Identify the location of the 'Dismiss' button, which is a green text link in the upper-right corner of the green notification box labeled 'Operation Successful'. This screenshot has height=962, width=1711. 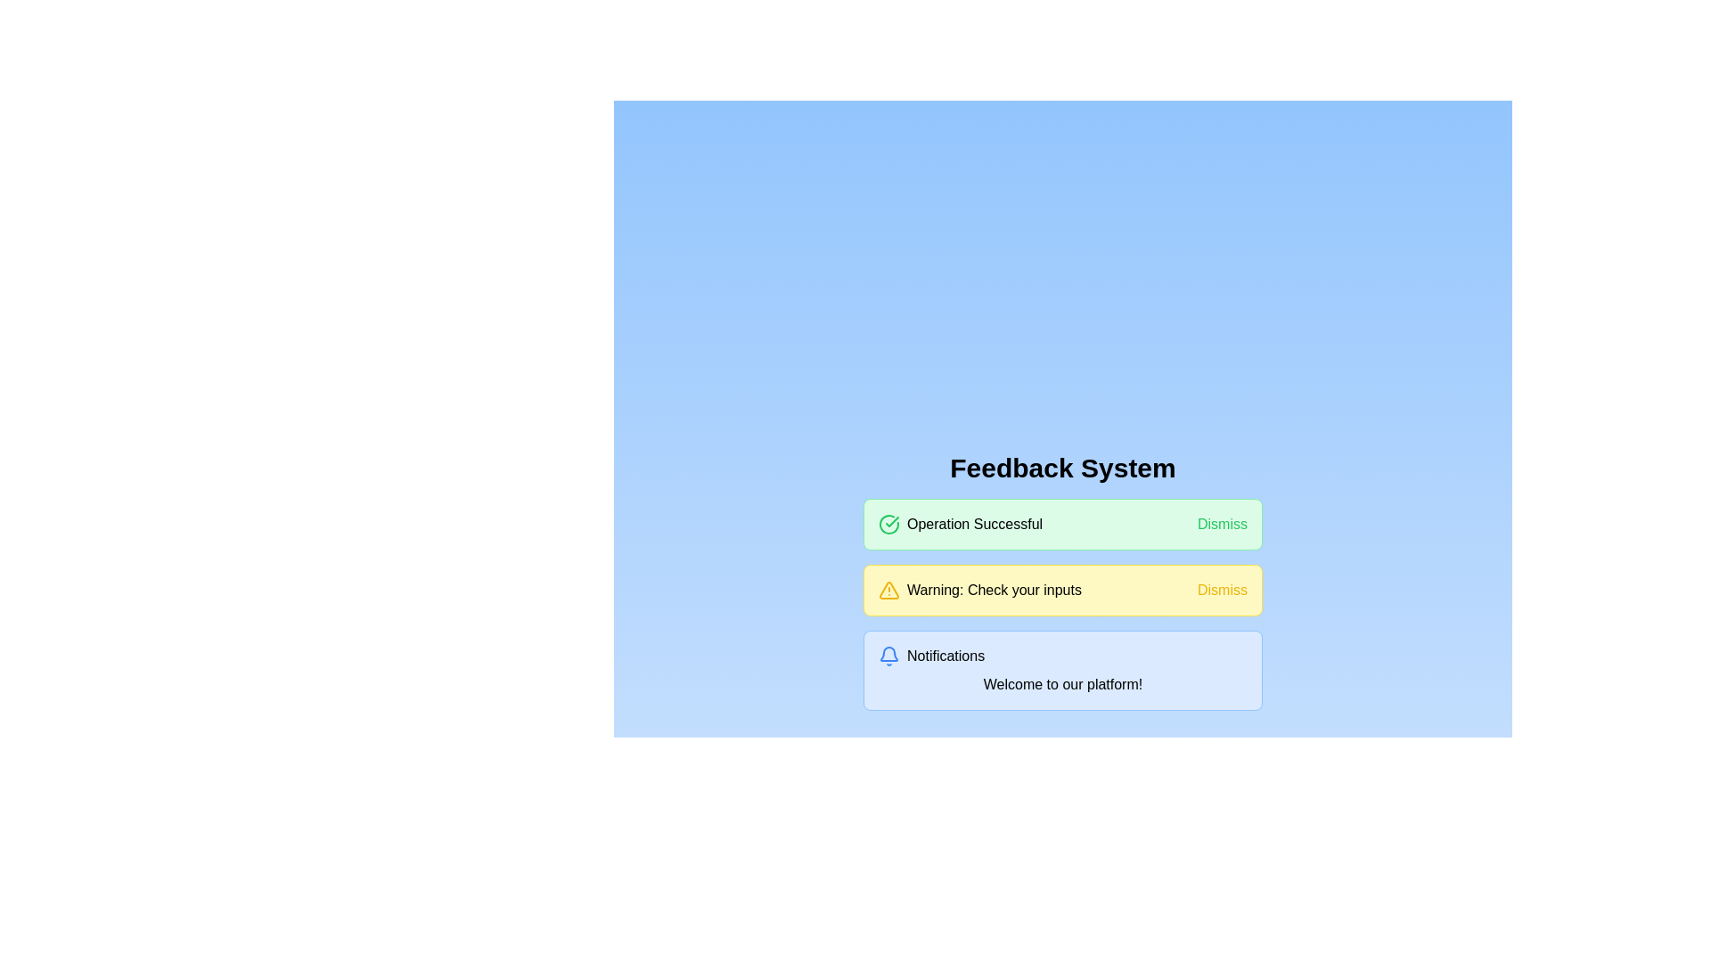
(1222, 524).